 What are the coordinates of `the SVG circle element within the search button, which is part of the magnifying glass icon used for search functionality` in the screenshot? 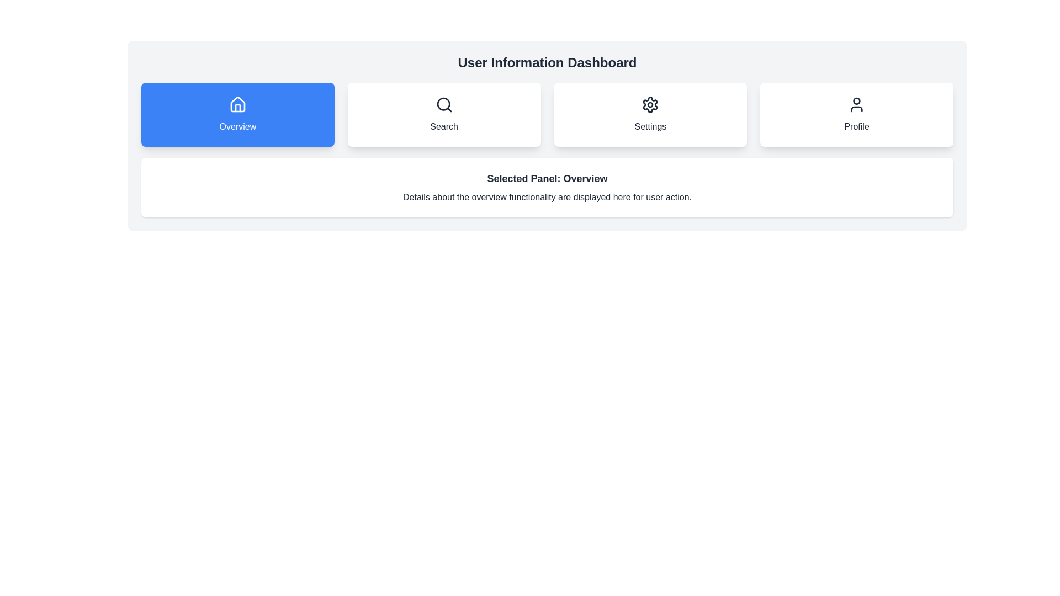 It's located at (443, 104).